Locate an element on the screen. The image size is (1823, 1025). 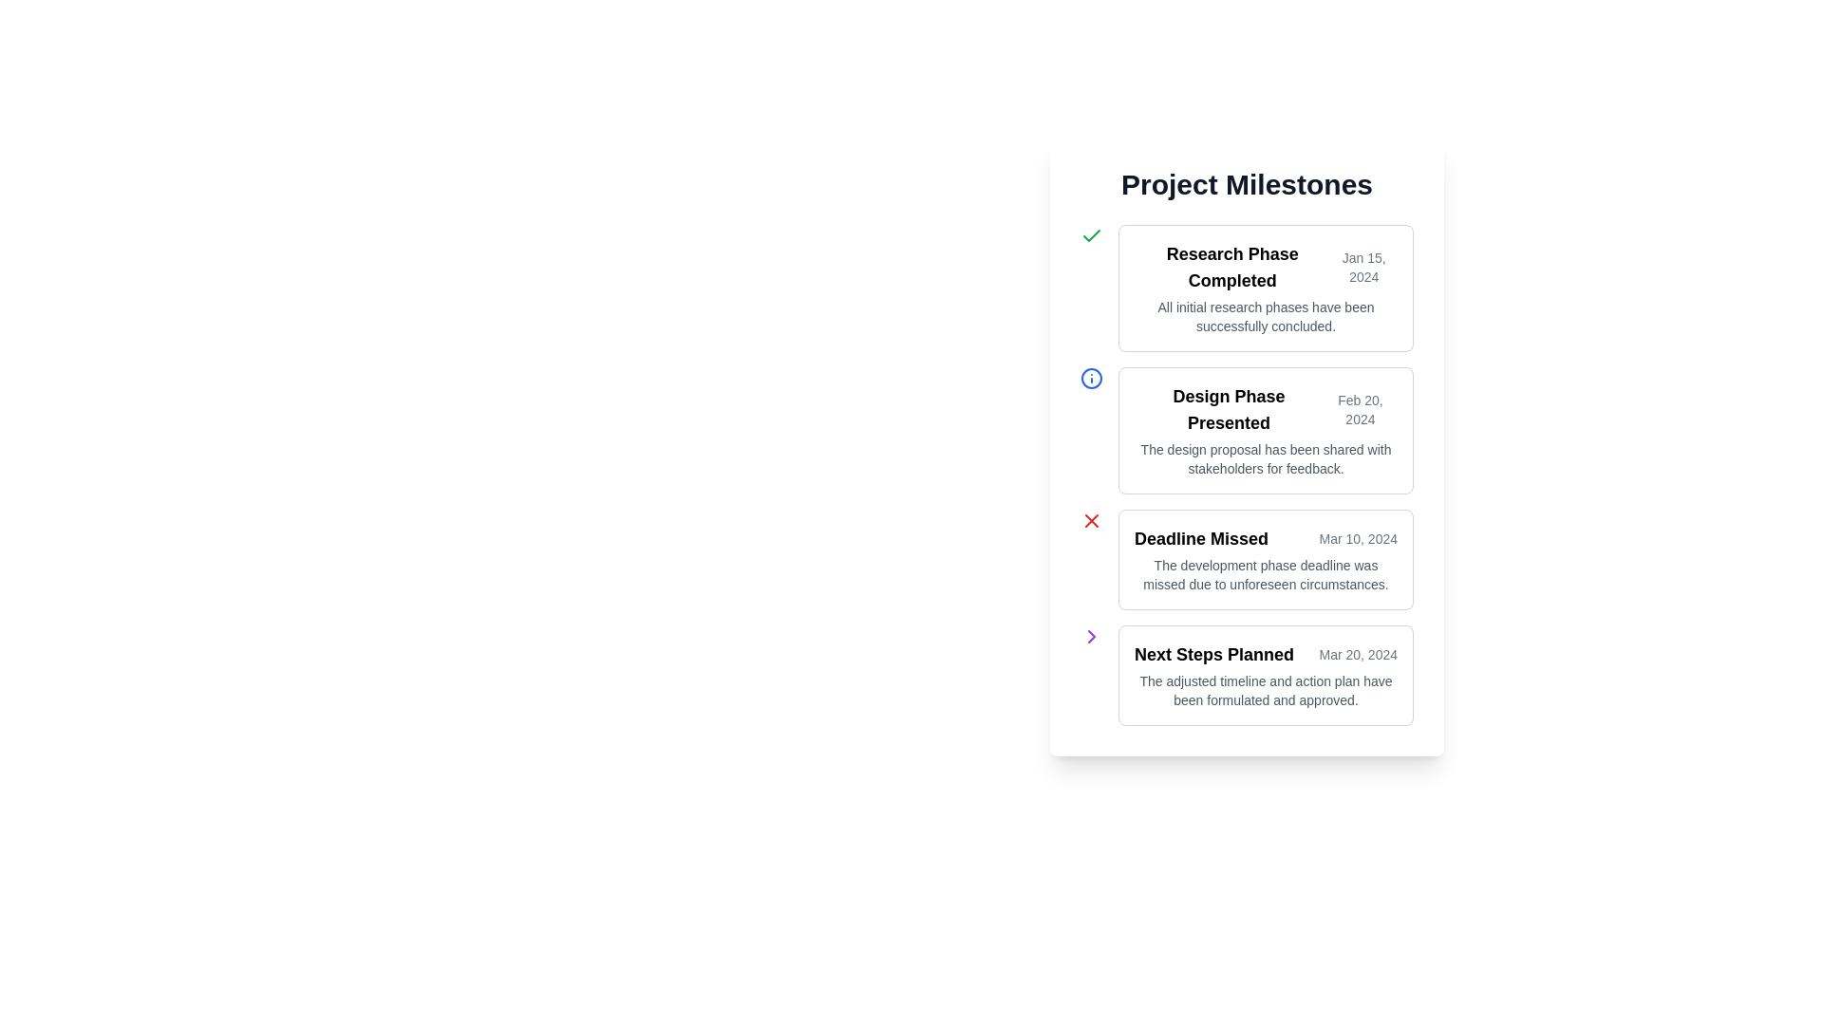
the static text field that displays the title or main status of a milestone indicating a missed deadline, located next to the date 'Mar 10, 2024' is located at coordinates (1200, 538).